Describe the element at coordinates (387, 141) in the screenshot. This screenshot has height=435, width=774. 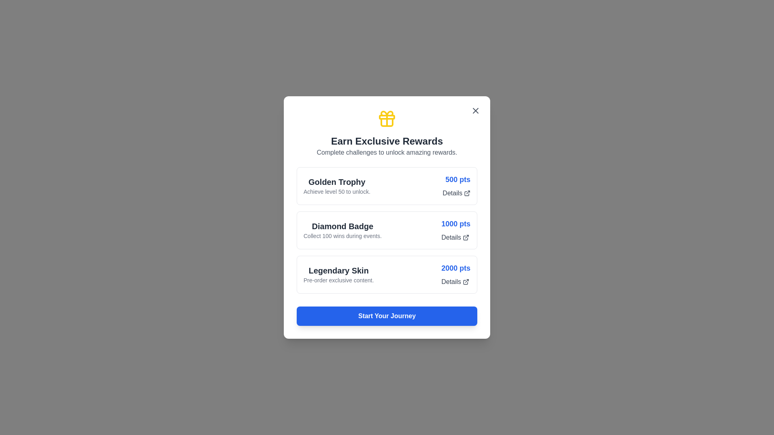
I see `the bold header text displaying 'Earn Exclusive Rewards' located in the upper center of the modal dialog box` at that location.